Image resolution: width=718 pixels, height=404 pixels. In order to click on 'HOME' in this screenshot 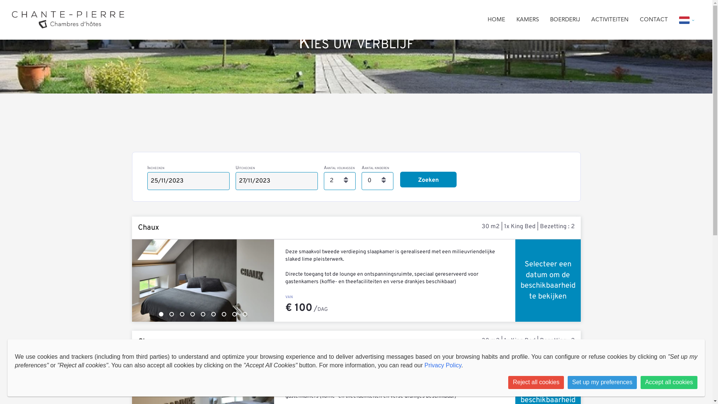, I will do `click(496, 19)`.